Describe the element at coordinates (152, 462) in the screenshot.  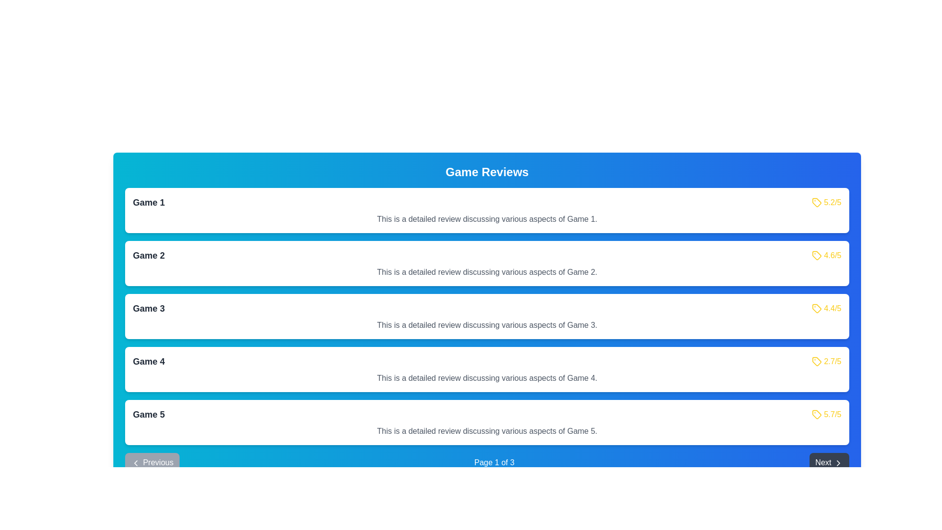
I see `the 'Previous' button, which has a dark grey background and white text` at that location.